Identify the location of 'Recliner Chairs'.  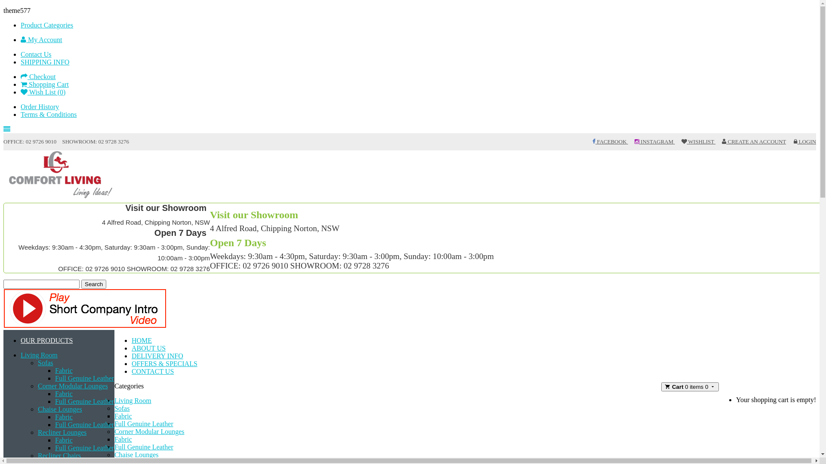
(37, 455).